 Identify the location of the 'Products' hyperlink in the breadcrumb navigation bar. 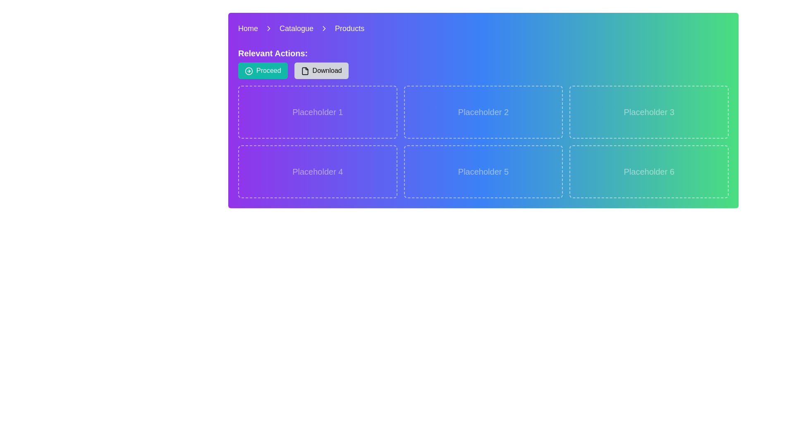
(349, 28).